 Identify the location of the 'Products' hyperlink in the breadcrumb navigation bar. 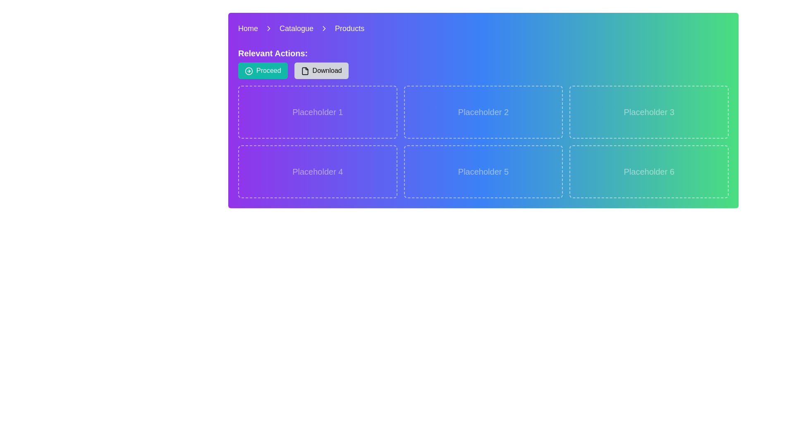
(349, 28).